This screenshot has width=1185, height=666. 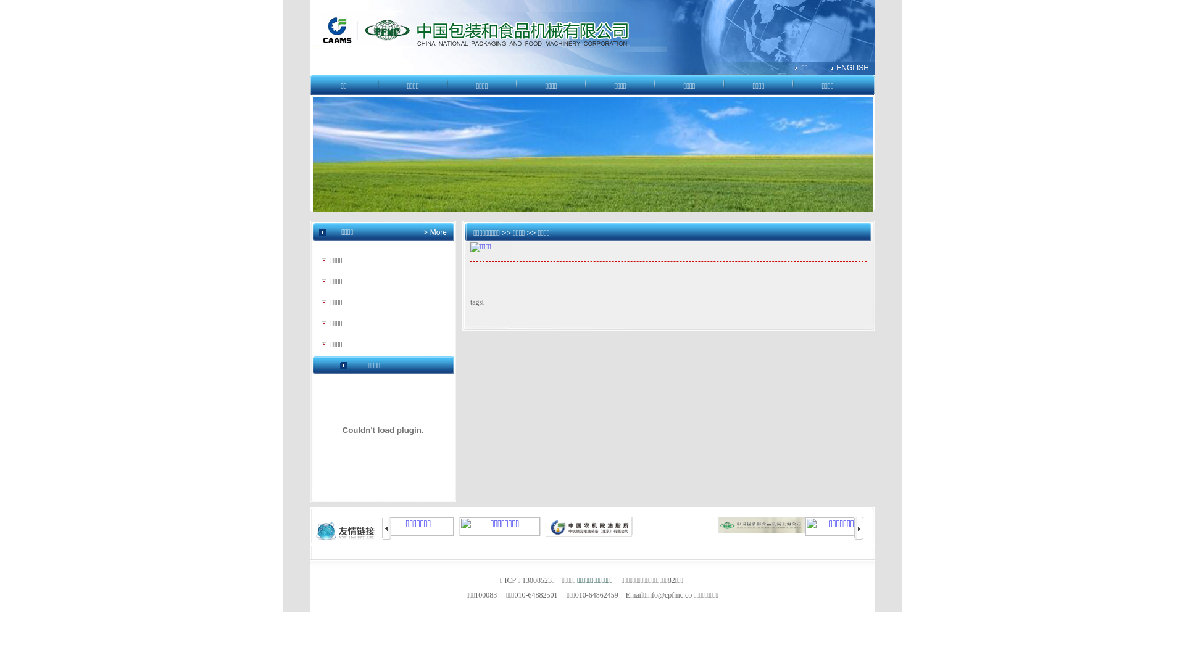 What do you see at coordinates (437, 232) in the screenshot?
I see `' More'` at bounding box center [437, 232].